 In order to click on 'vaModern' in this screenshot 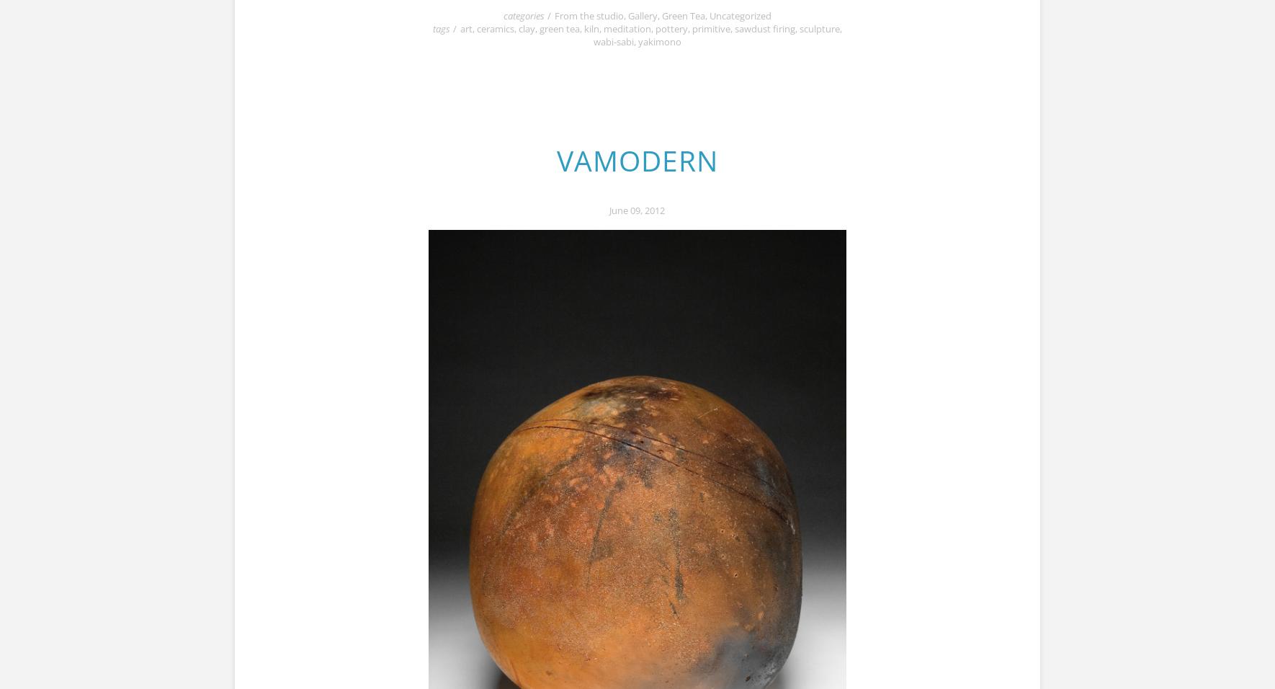, I will do `click(636, 160)`.